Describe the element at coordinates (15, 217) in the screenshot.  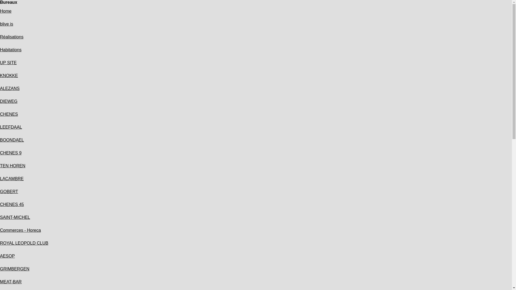
I see `'SAINT-MICHEL'` at that location.